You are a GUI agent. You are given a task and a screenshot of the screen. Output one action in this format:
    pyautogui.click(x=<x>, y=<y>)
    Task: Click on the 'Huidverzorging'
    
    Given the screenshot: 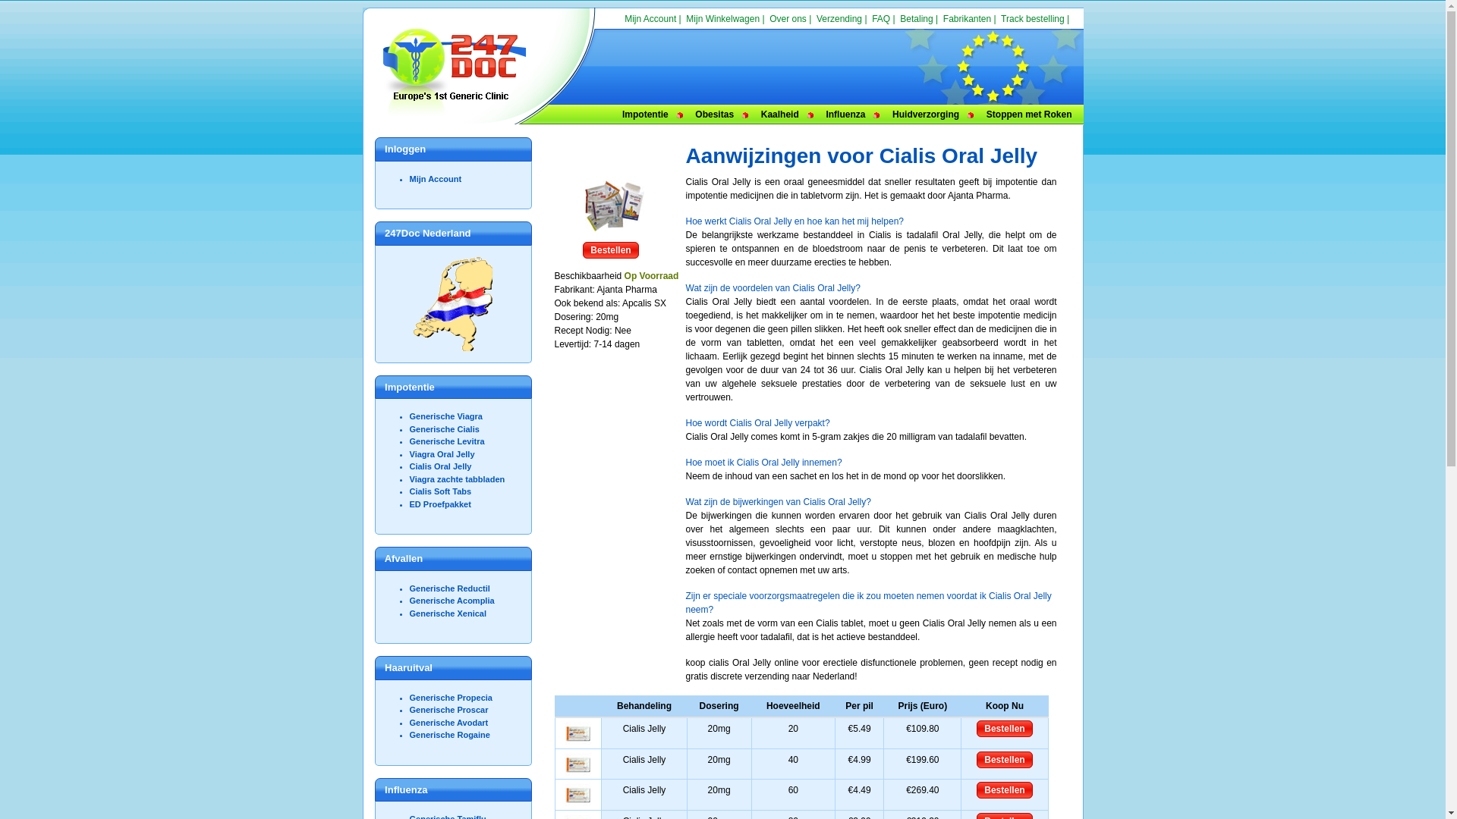 What is the action you would take?
    pyautogui.click(x=924, y=113)
    